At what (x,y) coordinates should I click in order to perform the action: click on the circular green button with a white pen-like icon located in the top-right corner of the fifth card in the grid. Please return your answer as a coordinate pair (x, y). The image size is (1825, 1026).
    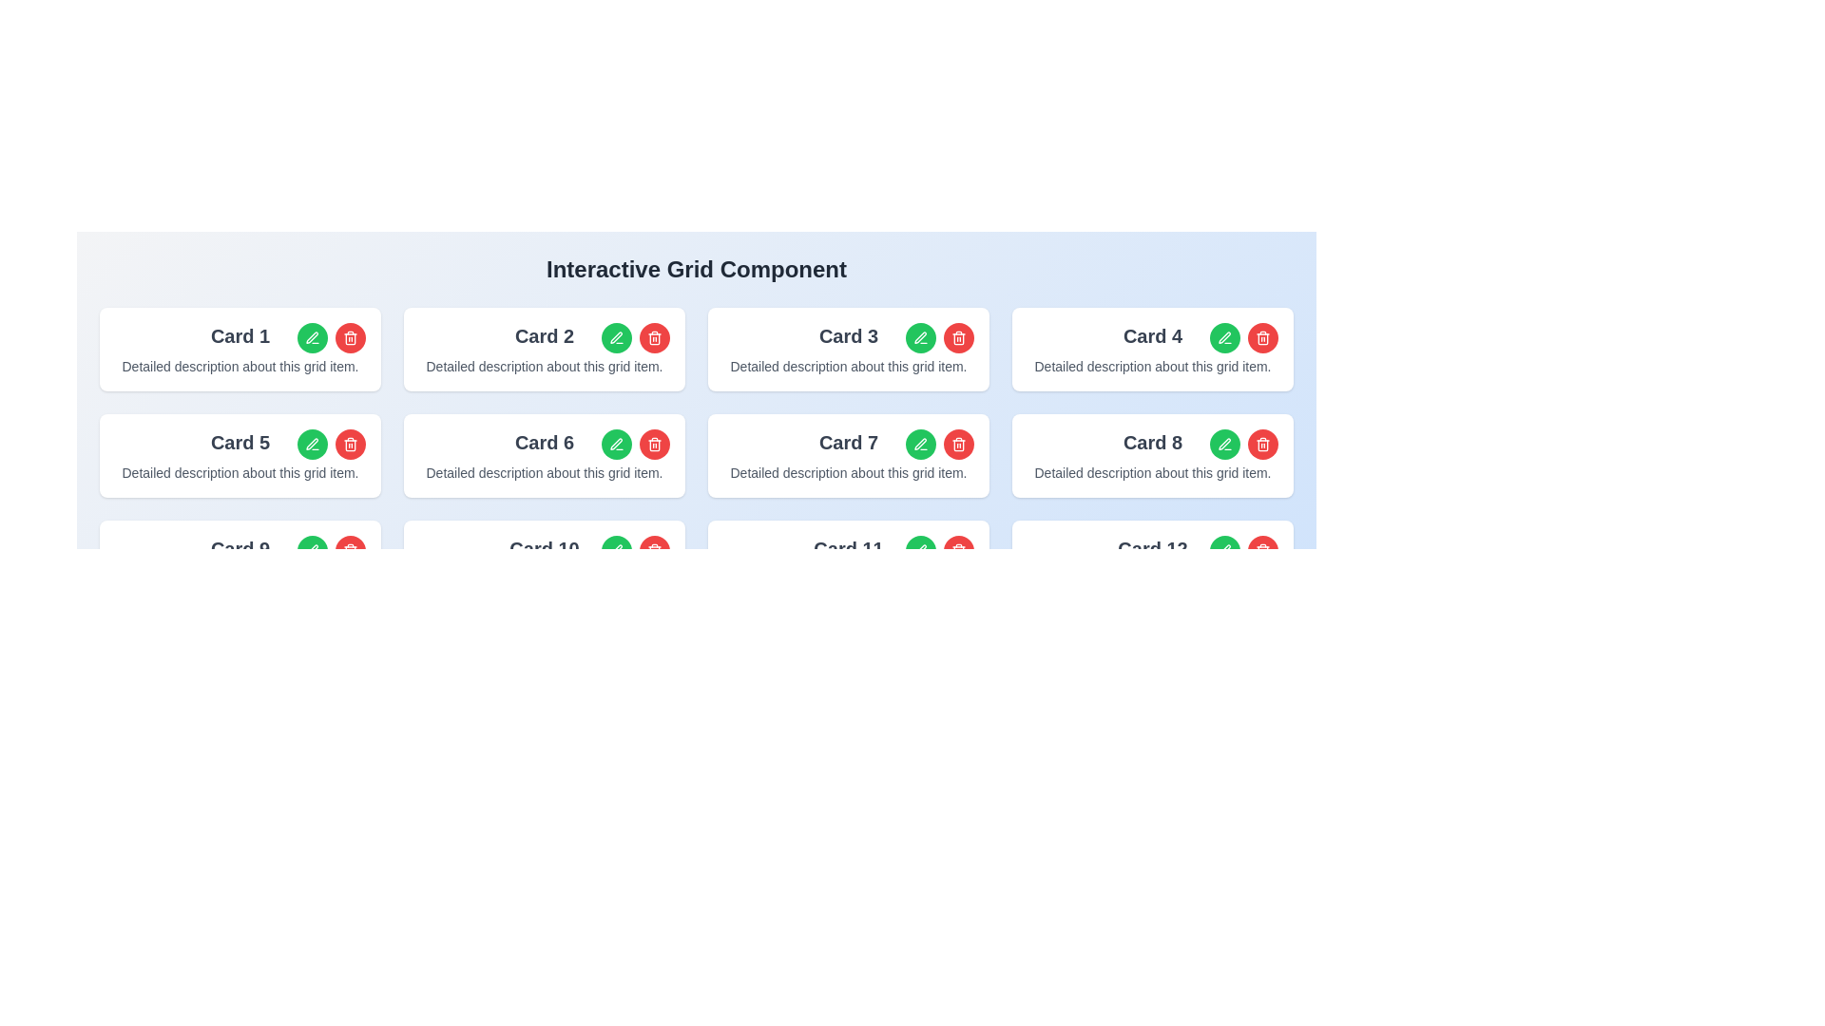
    Looking at the image, I should click on (313, 444).